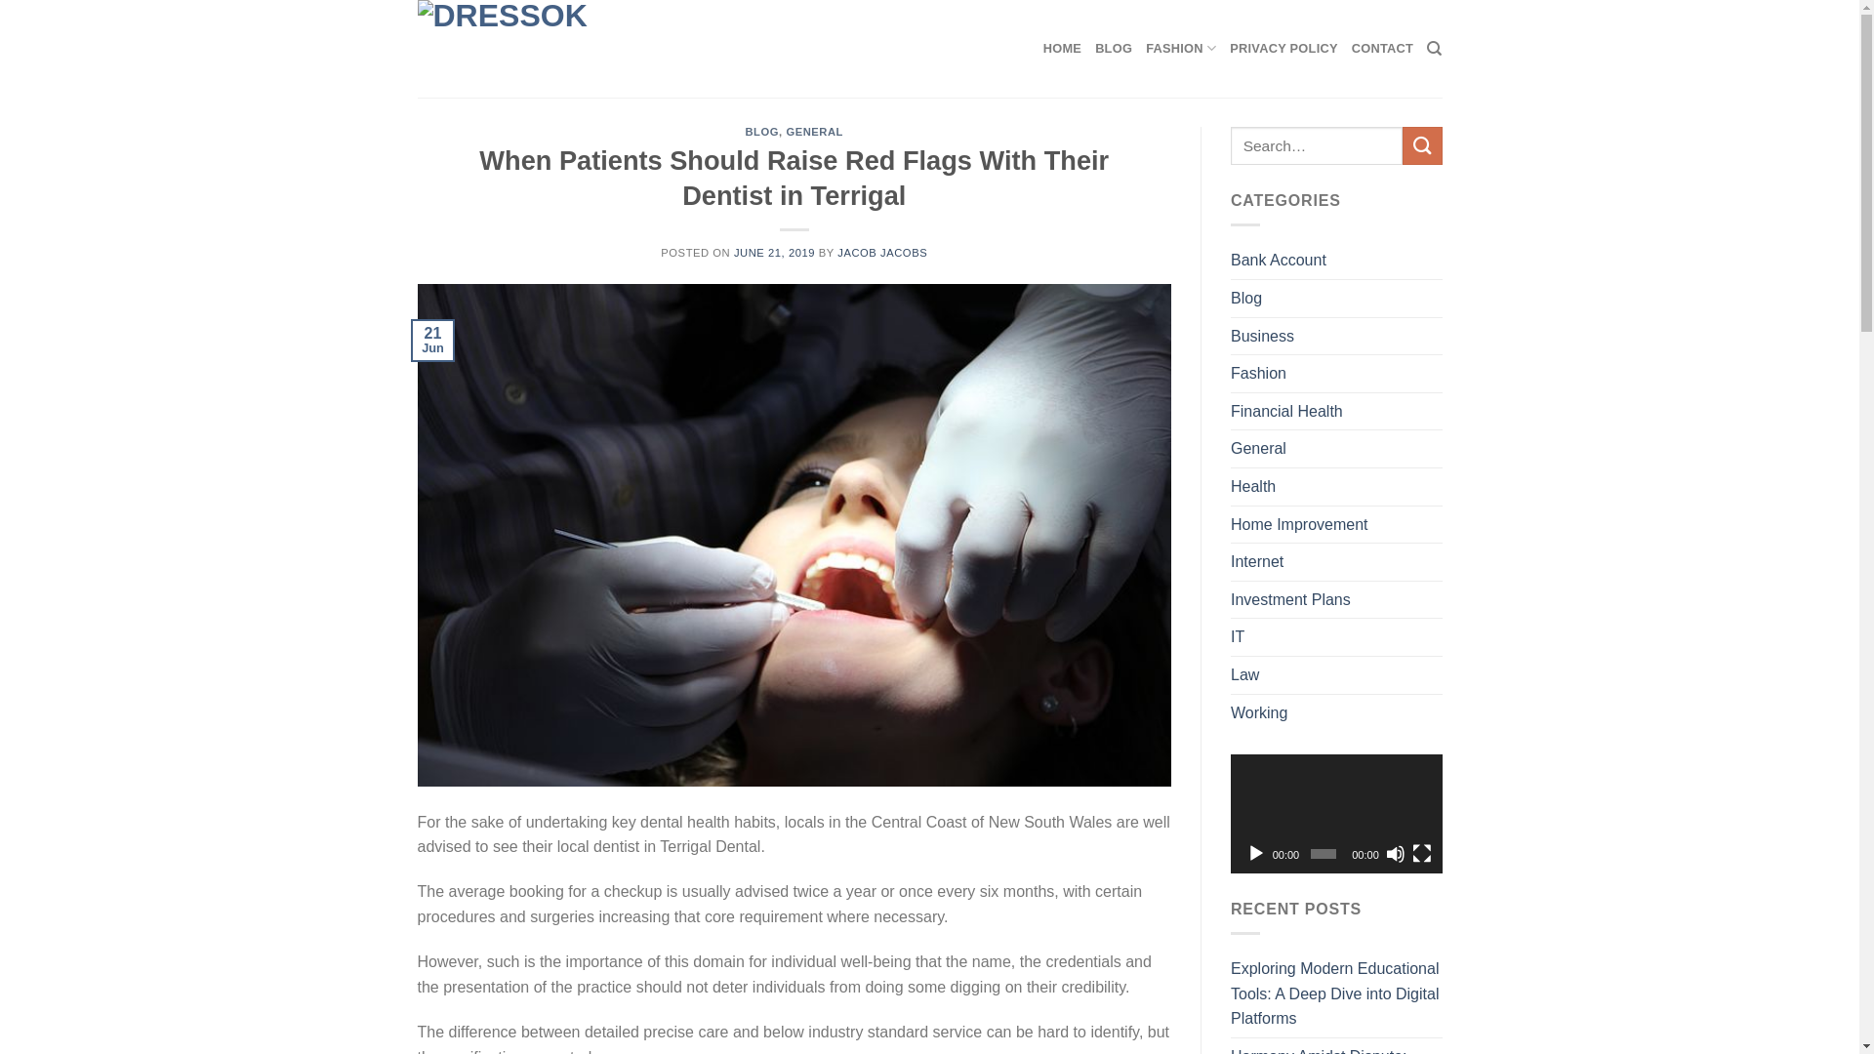 The image size is (1874, 1054). Describe the element at coordinates (1262, 335) in the screenshot. I see `'Business'` at that location.